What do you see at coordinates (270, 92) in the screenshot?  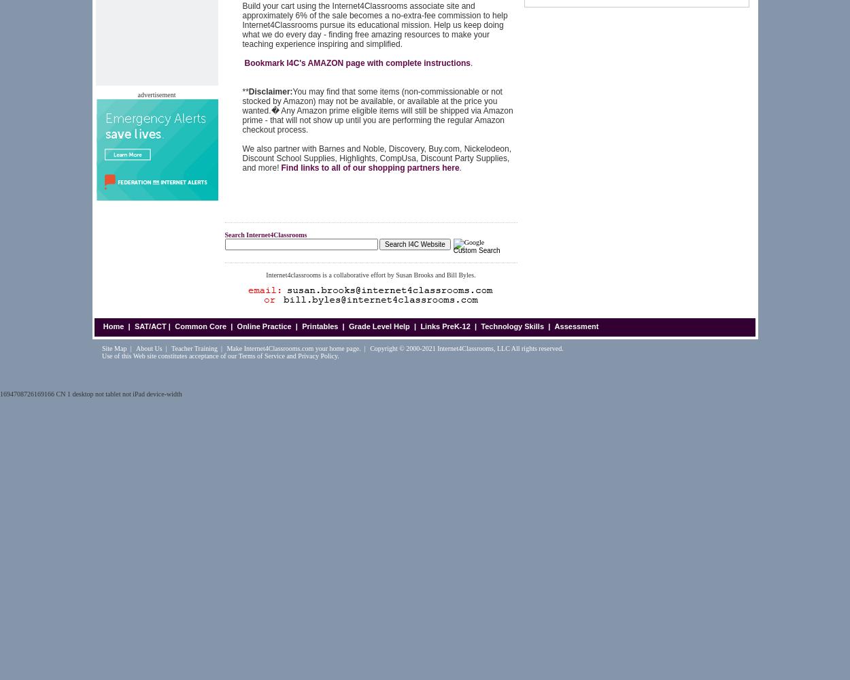 I see `'Disclaimer:'` at bounding box center [270, 92].